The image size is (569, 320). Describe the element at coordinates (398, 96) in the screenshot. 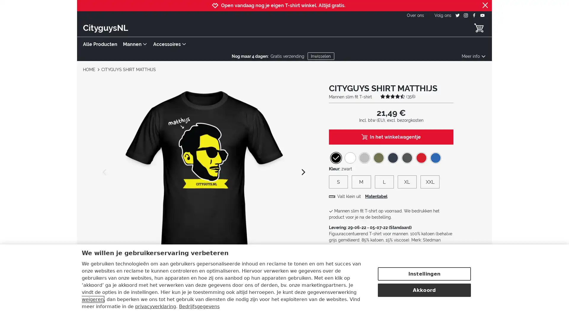

I see `(356)` at that location.